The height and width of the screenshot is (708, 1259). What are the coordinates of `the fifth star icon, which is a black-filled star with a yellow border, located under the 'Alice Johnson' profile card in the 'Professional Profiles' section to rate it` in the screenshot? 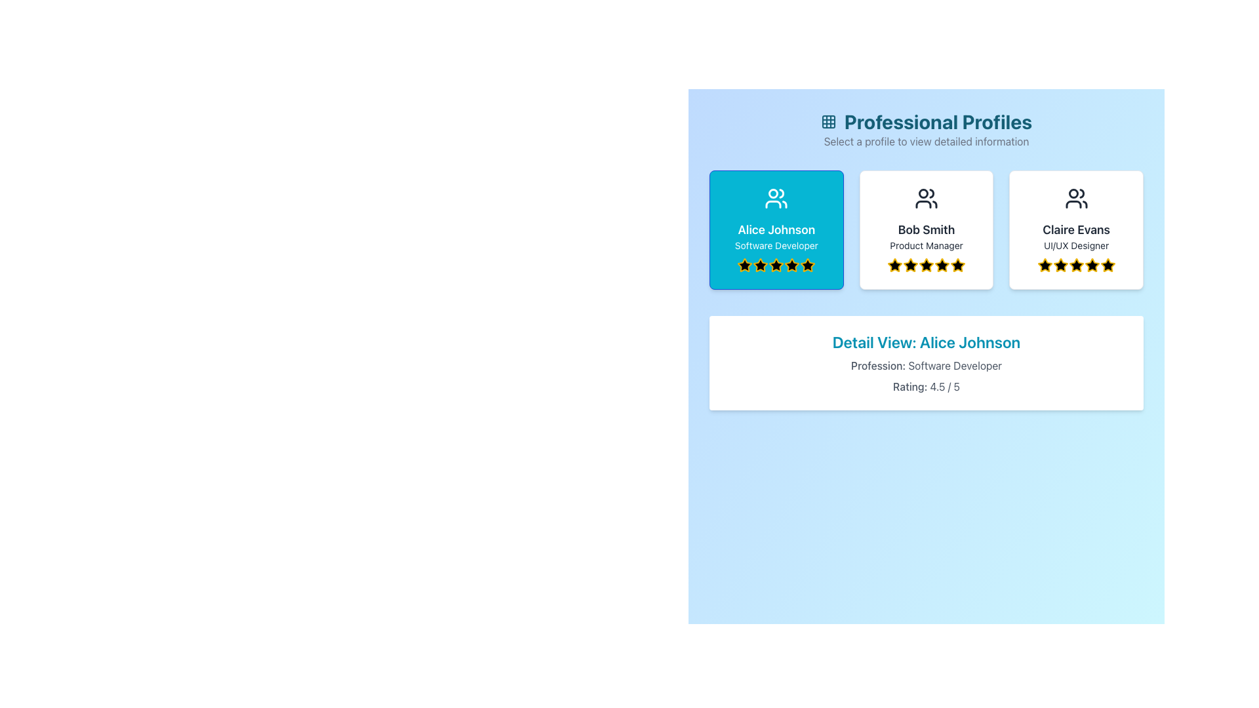 It's located at (807, 265).